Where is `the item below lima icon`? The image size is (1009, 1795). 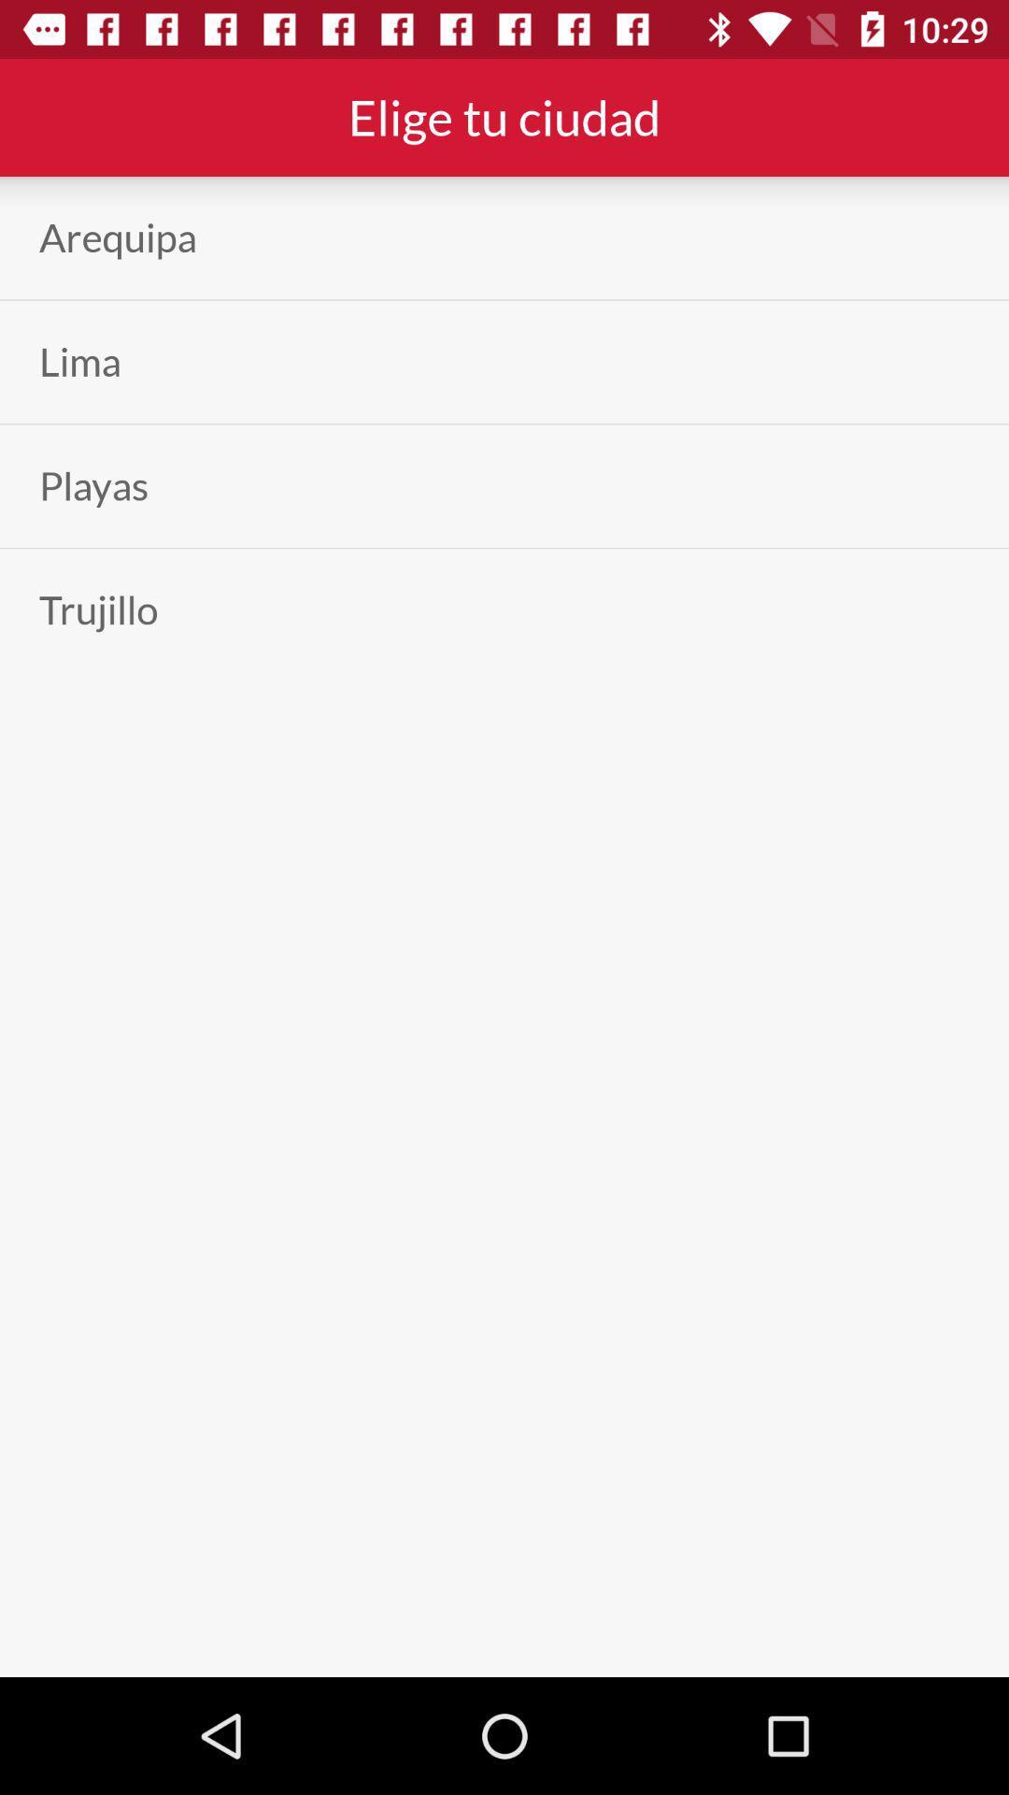 the item below lima icon is located at coordinates (93, 486).